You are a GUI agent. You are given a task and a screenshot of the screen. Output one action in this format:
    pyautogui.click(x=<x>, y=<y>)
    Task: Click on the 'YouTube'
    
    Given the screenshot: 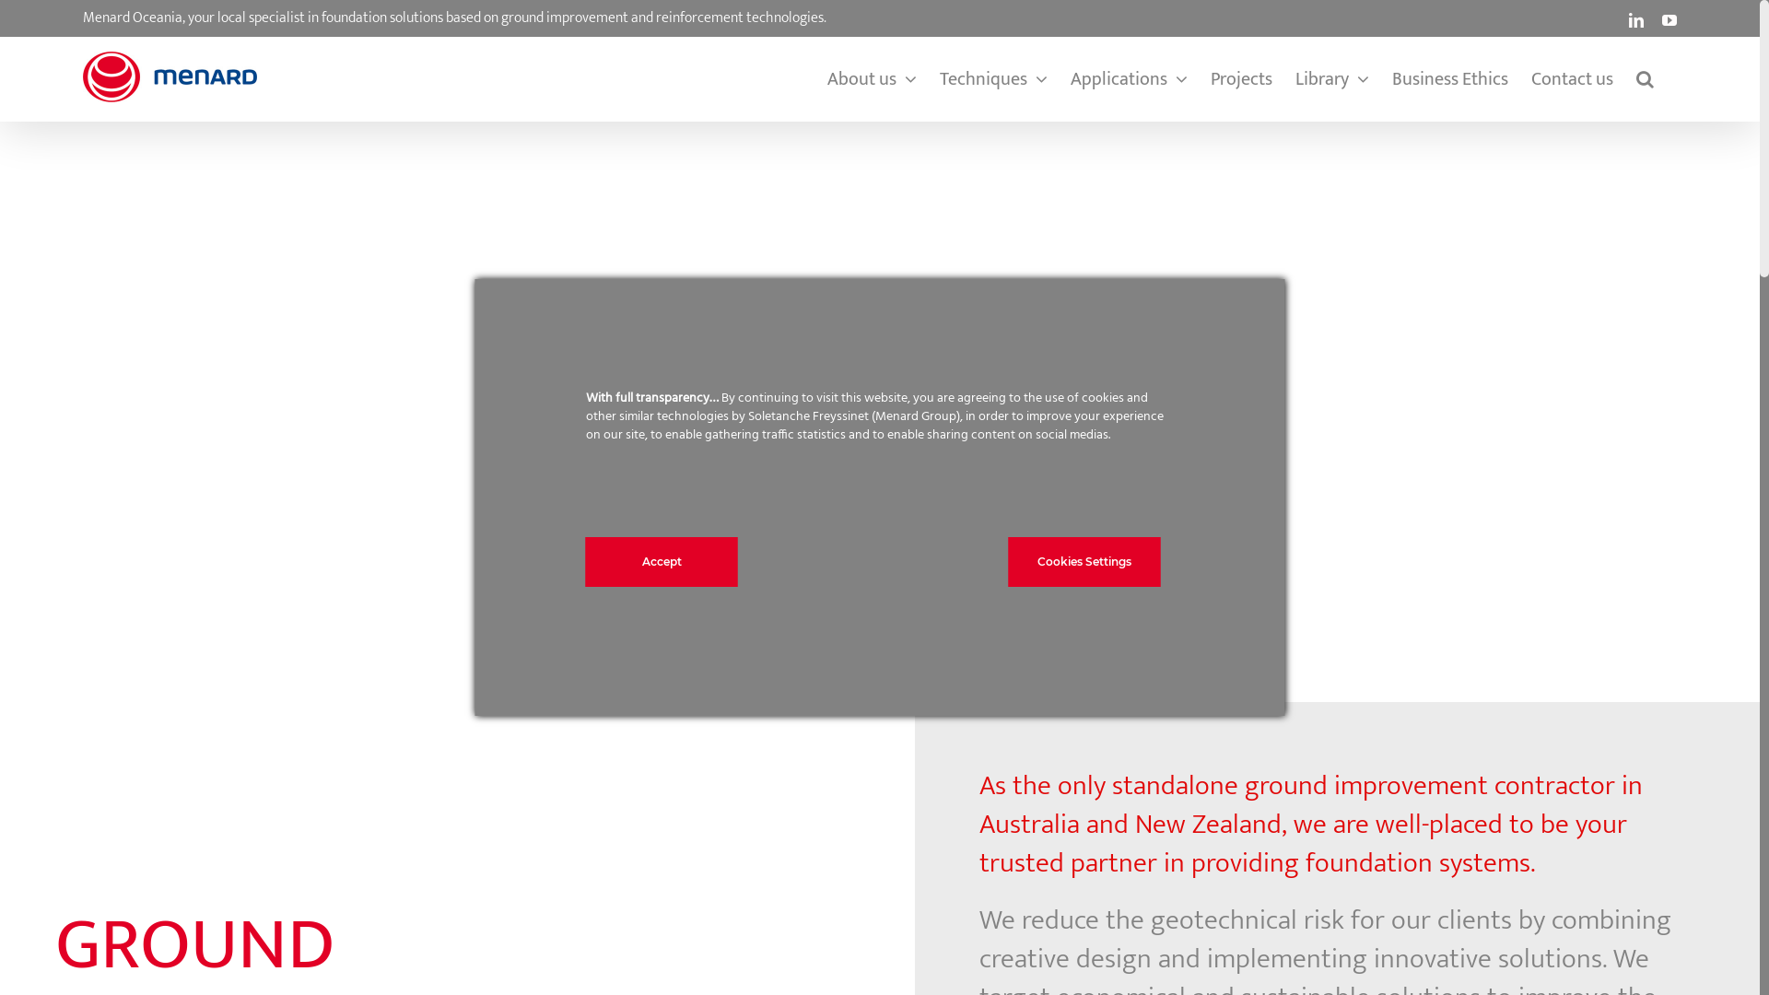 What is the action you would take?
    pyautogui.click(x=1669, y=20)
    